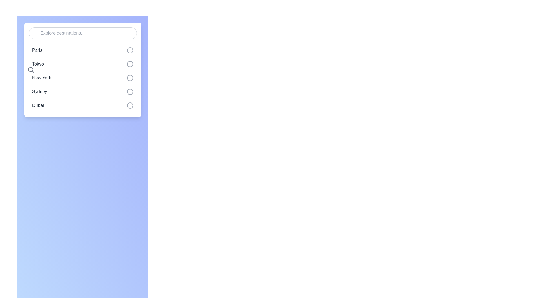 This screenshot has height=304, width=541. I want to click on the search or highlight icon located to the left of the text 'Tokyo' in the second row of the list, so click(31, 69).